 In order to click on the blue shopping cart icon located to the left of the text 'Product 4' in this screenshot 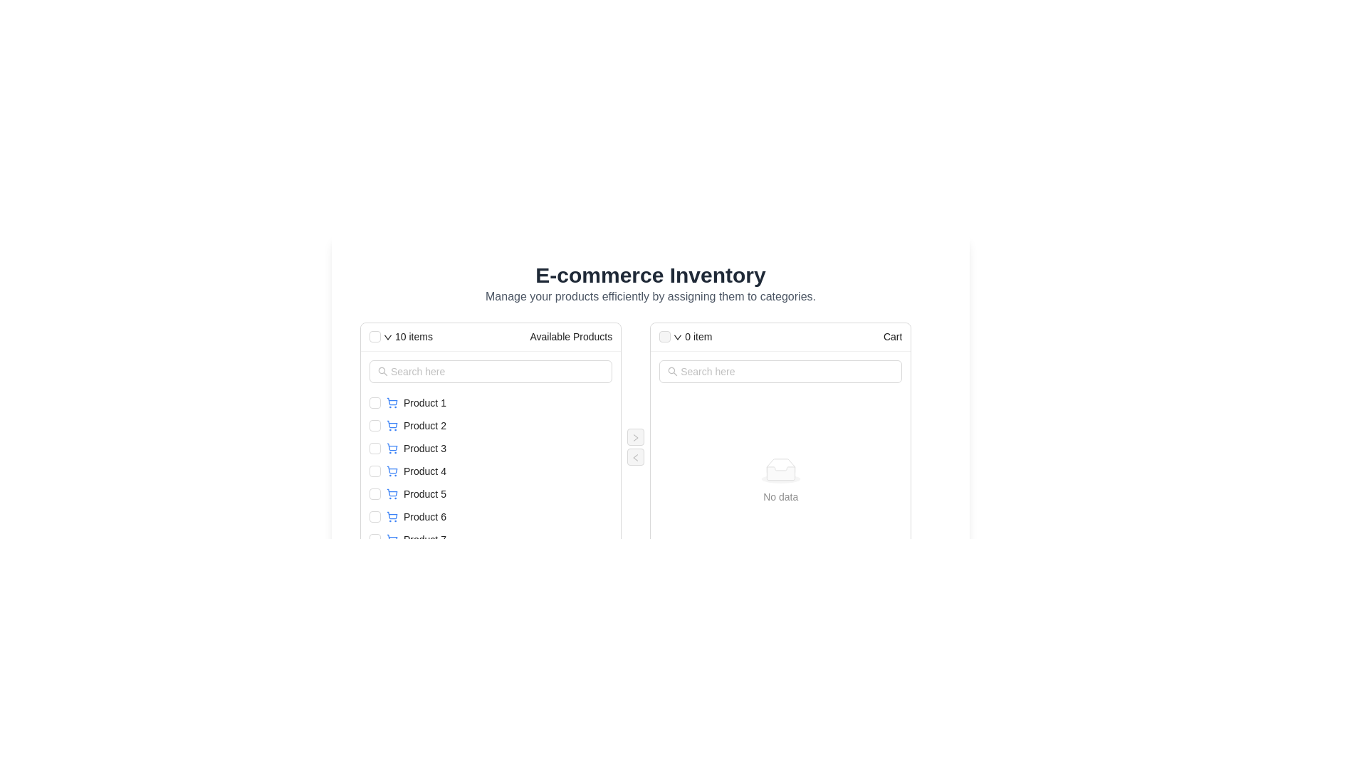, I will do `click(392, 471)`.